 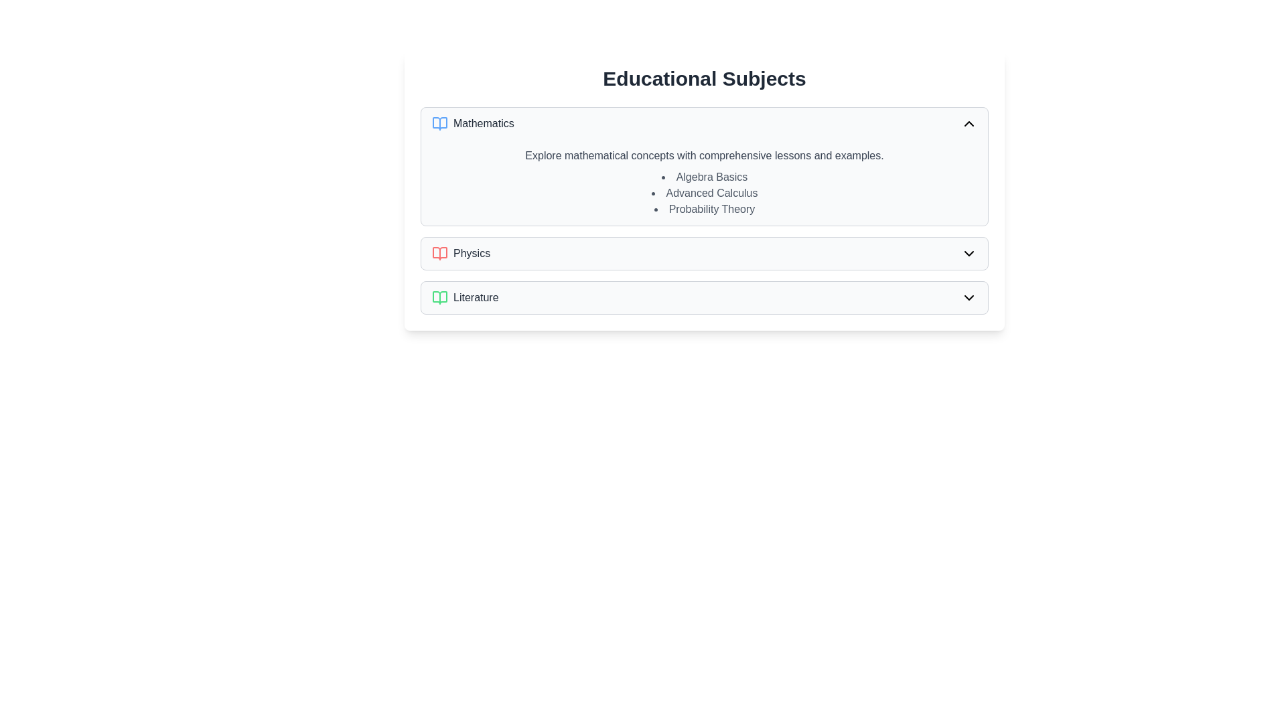 I want to click on the 'Literature' text label element, so click(x=465, y=297).